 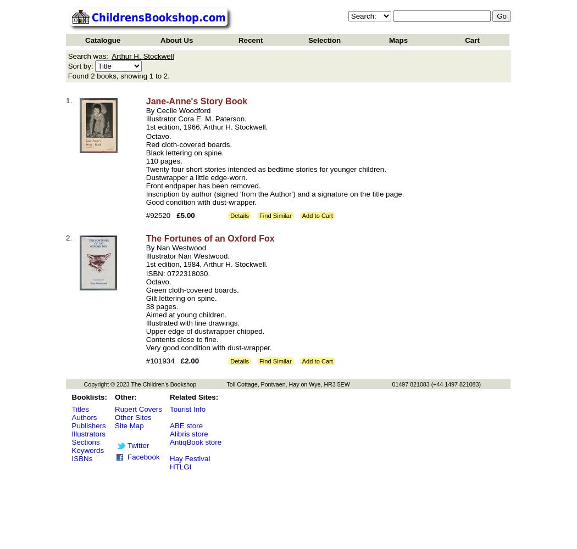 I want to click on 'Publishers', so click(x=88, y=425).